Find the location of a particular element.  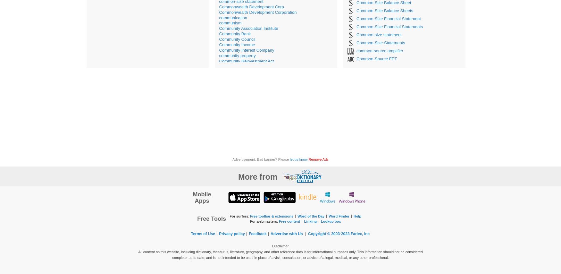

'Feedback' is located at coordinates (257, 234).